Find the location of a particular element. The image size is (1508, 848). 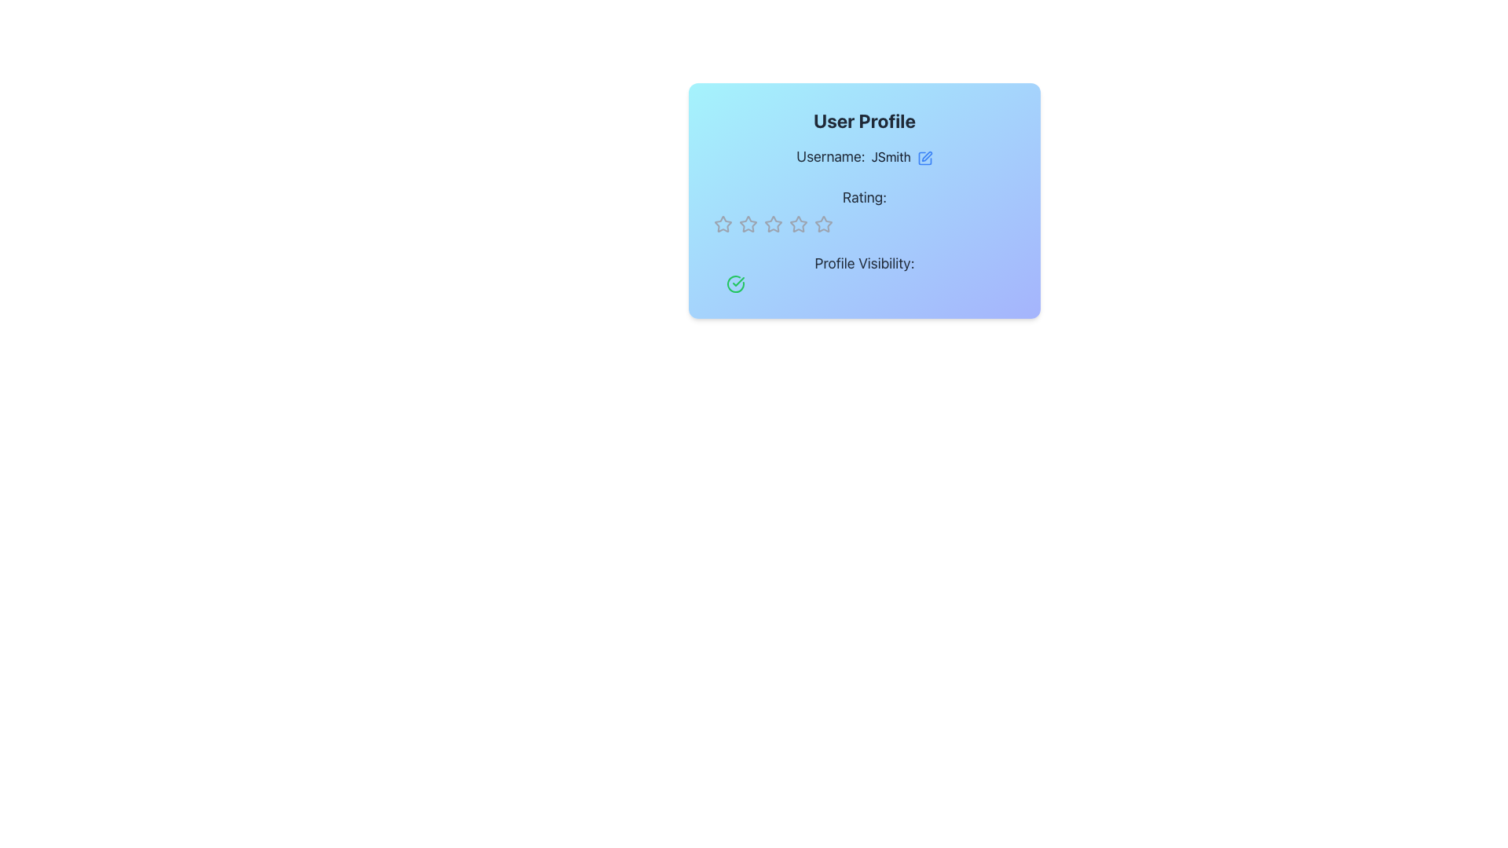

the text label that provides context for the username 'JSmith' in the 'User Profile' card, located at the top section of the card is located at coordinates (829, 156).